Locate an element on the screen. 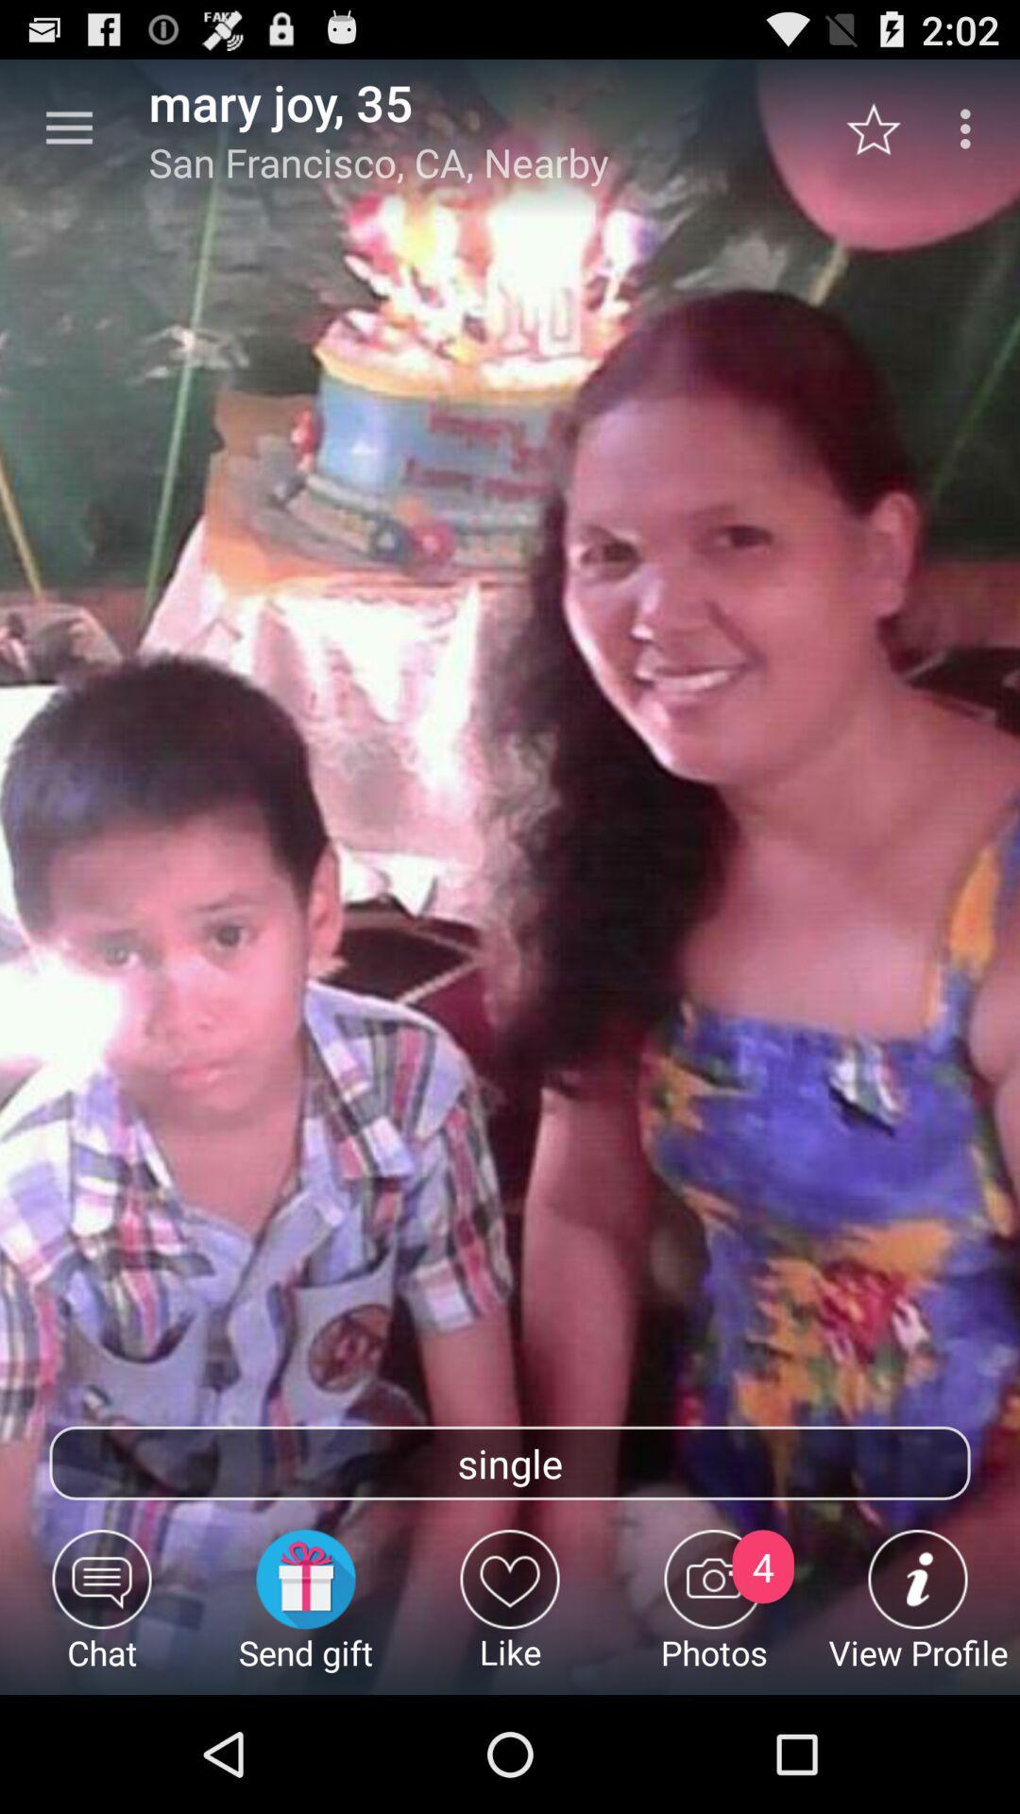  icon to the right of photos item is located at coordinates (917, 1611).